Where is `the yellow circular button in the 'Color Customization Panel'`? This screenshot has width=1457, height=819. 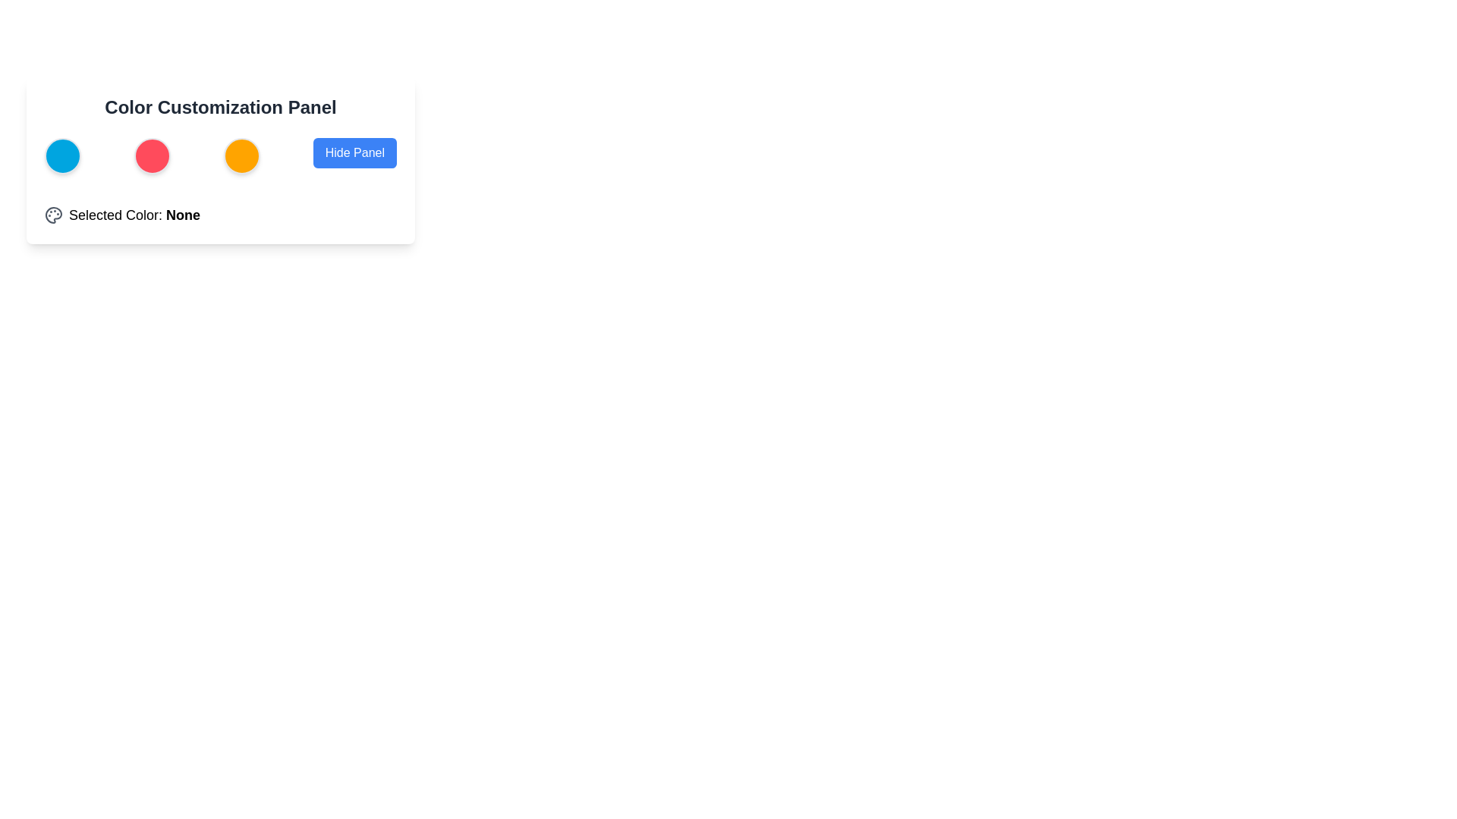 the yellow circular button in the 'Color Customization Panel' is located at coordinates (220, 155).